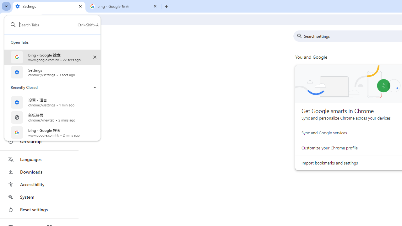 The height and width of the screenshot is (226, 402). I want to click on 'Toggle Recently Closed Items', so click(95, 87).